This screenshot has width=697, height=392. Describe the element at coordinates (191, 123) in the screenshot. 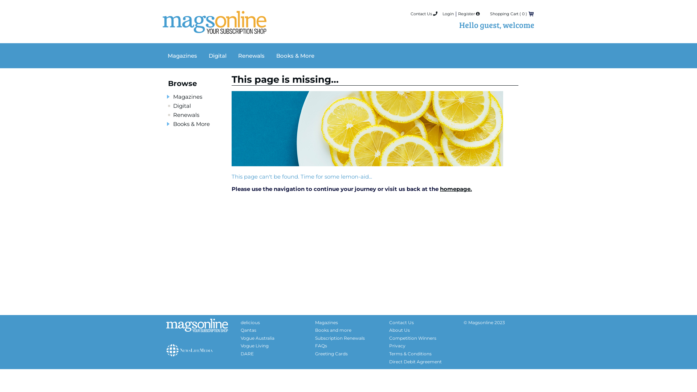

I see `'Books & More'` at that location.